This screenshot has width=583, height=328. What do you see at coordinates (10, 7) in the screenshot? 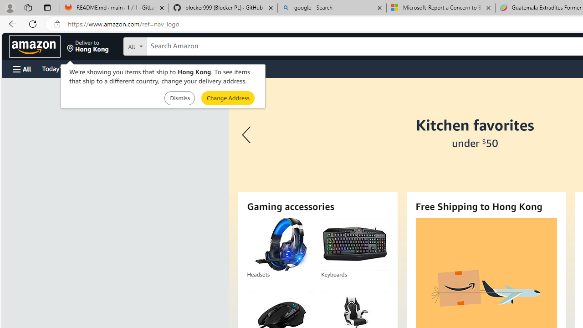
I see `'Personal Profile'` at bounding box center [10, 7].